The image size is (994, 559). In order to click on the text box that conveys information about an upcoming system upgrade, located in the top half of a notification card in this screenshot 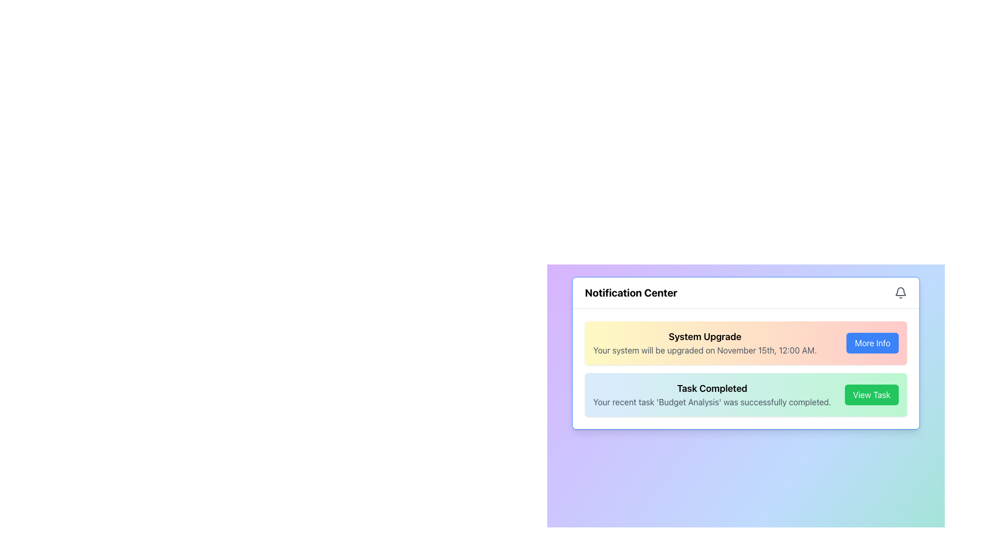, I will do `click(704, 343)`.